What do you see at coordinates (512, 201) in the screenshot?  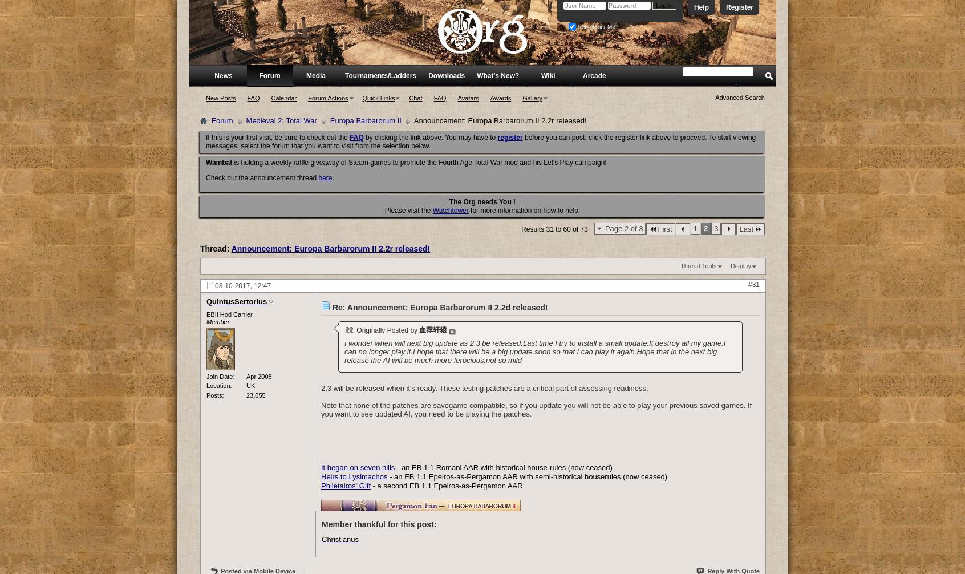 I see `'!'` at bounding box center [512, 201].